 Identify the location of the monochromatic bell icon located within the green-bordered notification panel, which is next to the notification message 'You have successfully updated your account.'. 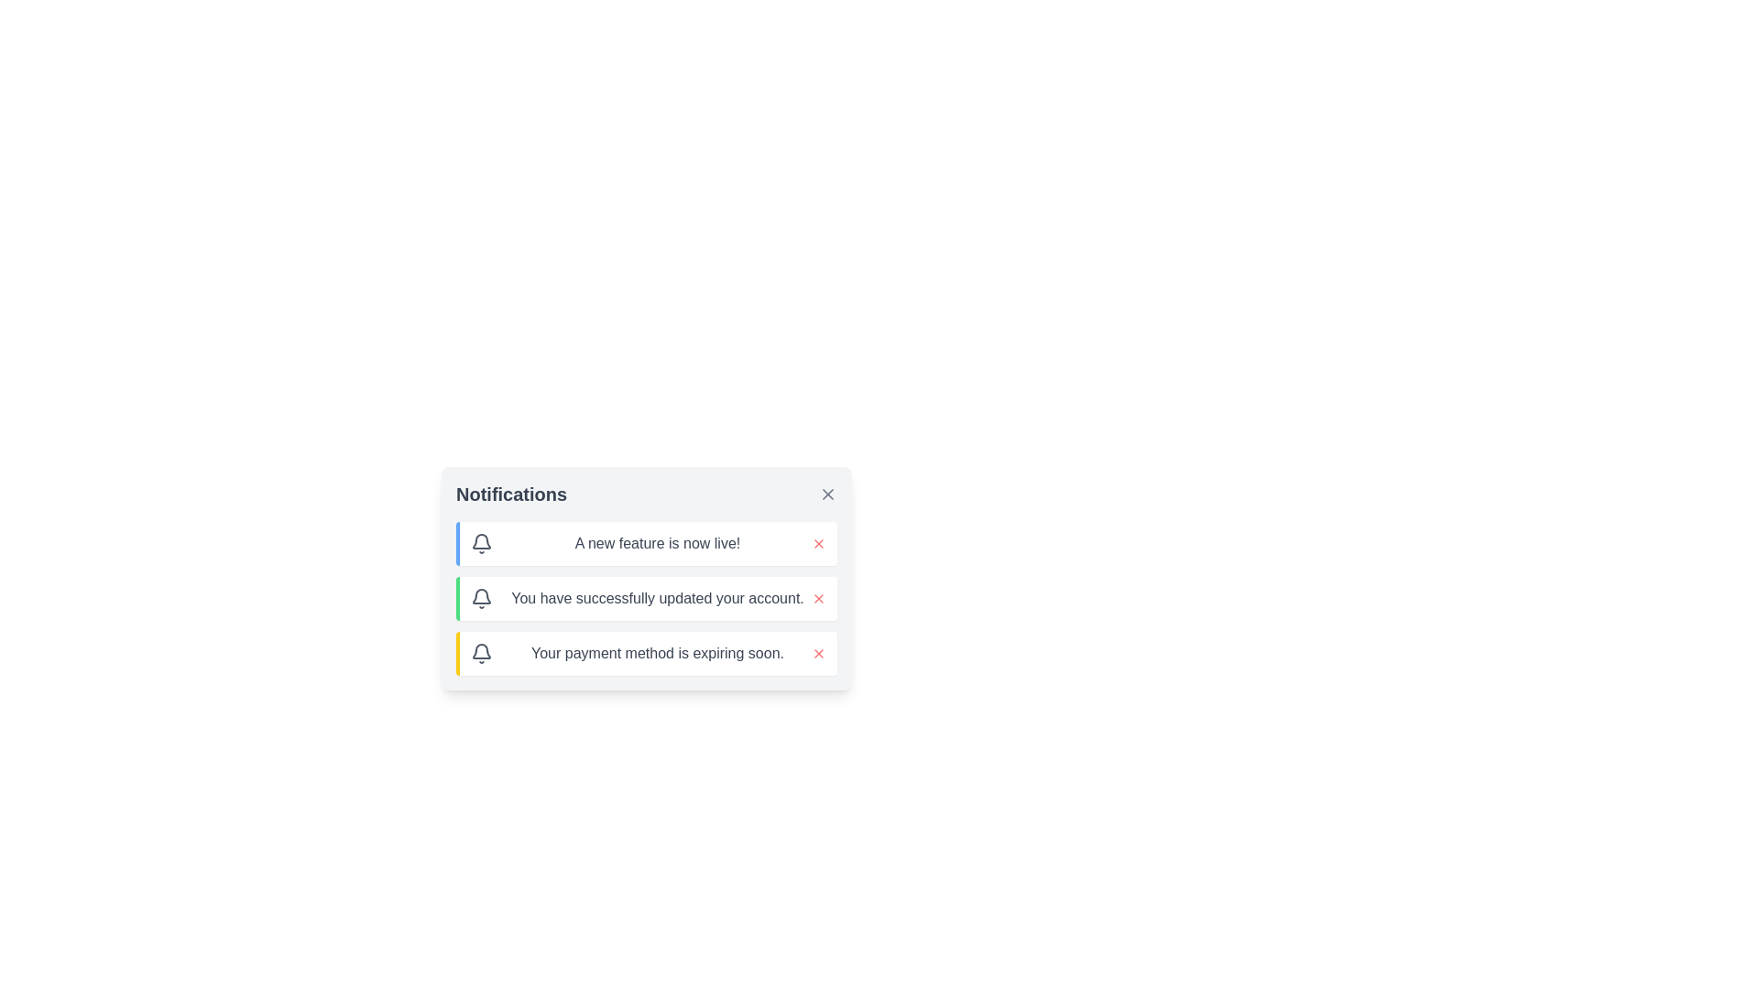
(482, 599).